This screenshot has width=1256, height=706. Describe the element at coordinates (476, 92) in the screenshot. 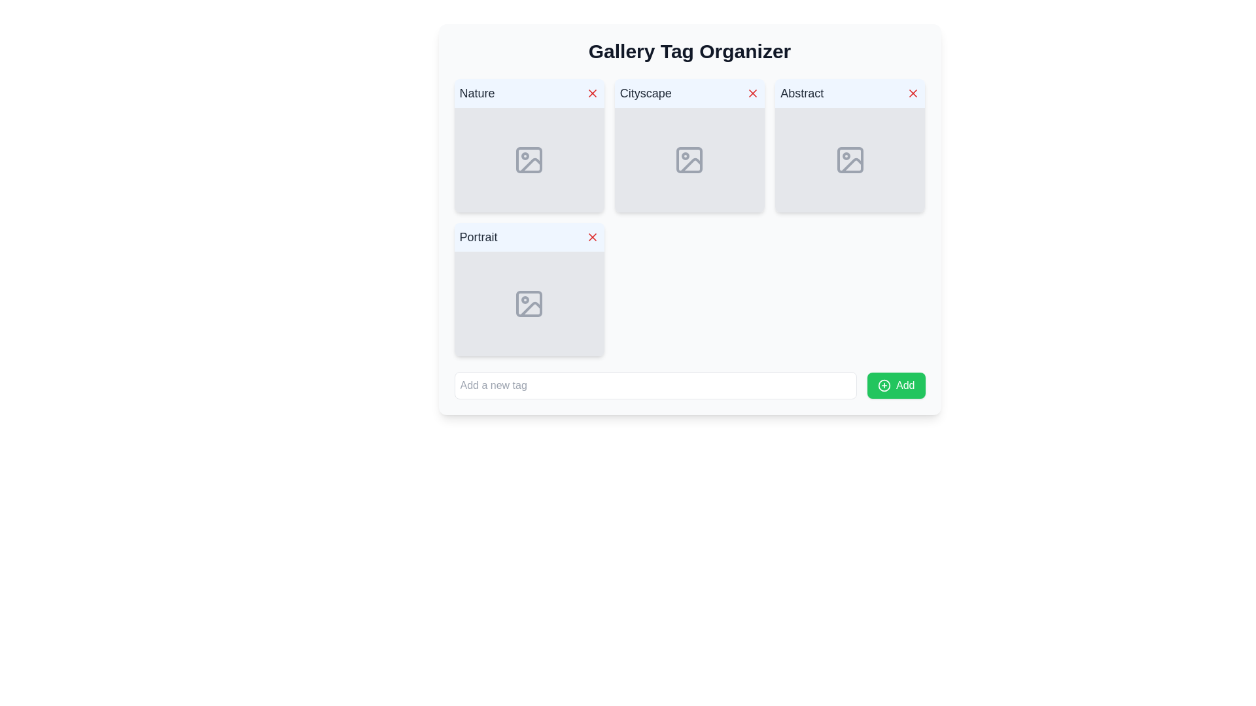

I see `the text label displaying 'Nature' in the blue-tinted header segment` at that location.